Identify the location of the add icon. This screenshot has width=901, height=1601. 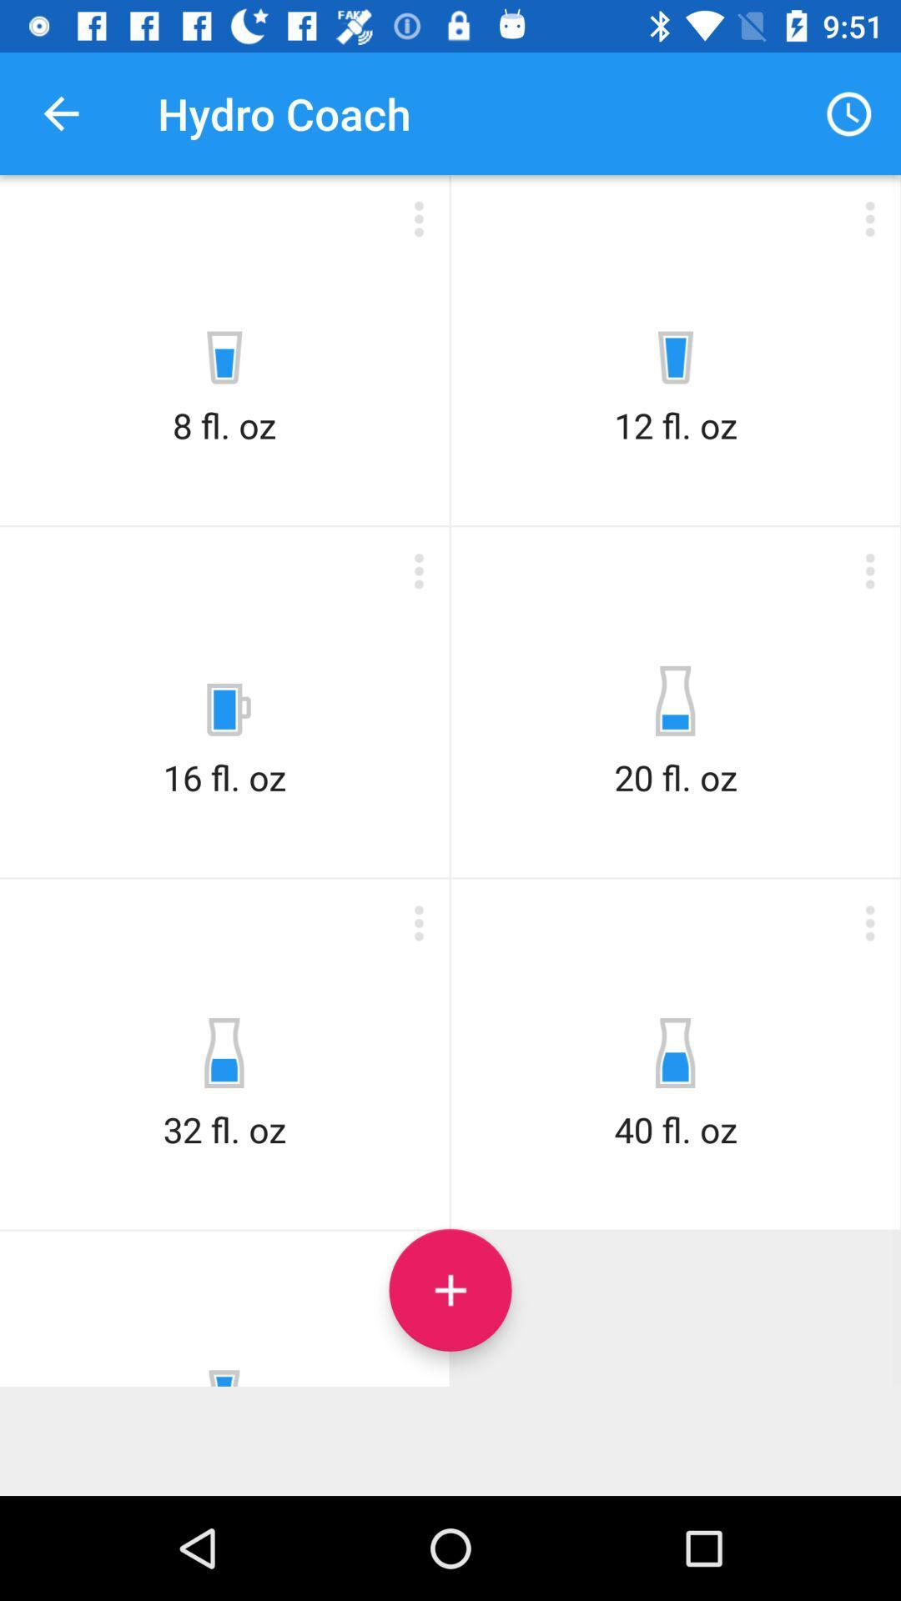
(450, 1289).